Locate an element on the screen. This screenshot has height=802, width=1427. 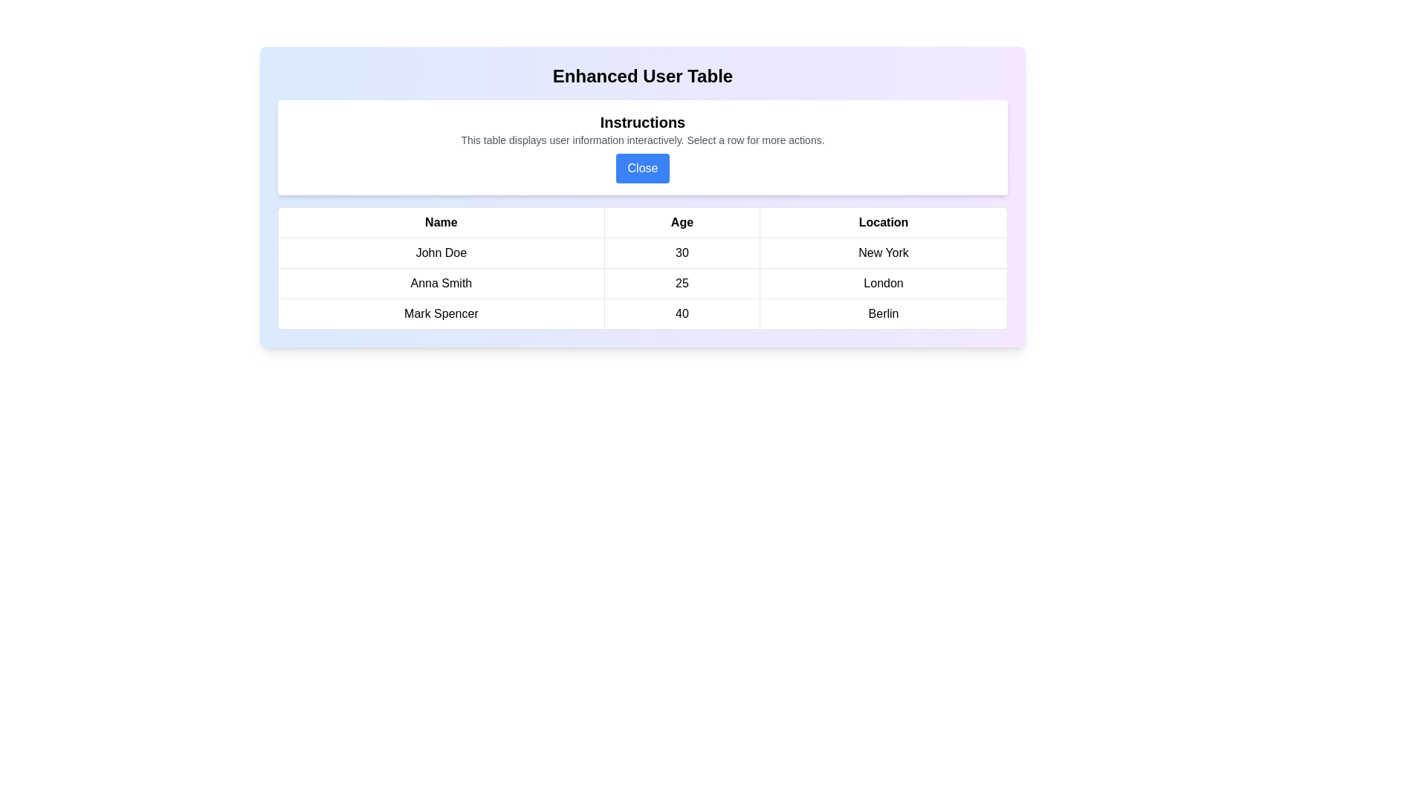
the Table Header Cell that serves as the header for the first column indicating names, by clicking on it since it is clickable is located at coordinates (440, 223).